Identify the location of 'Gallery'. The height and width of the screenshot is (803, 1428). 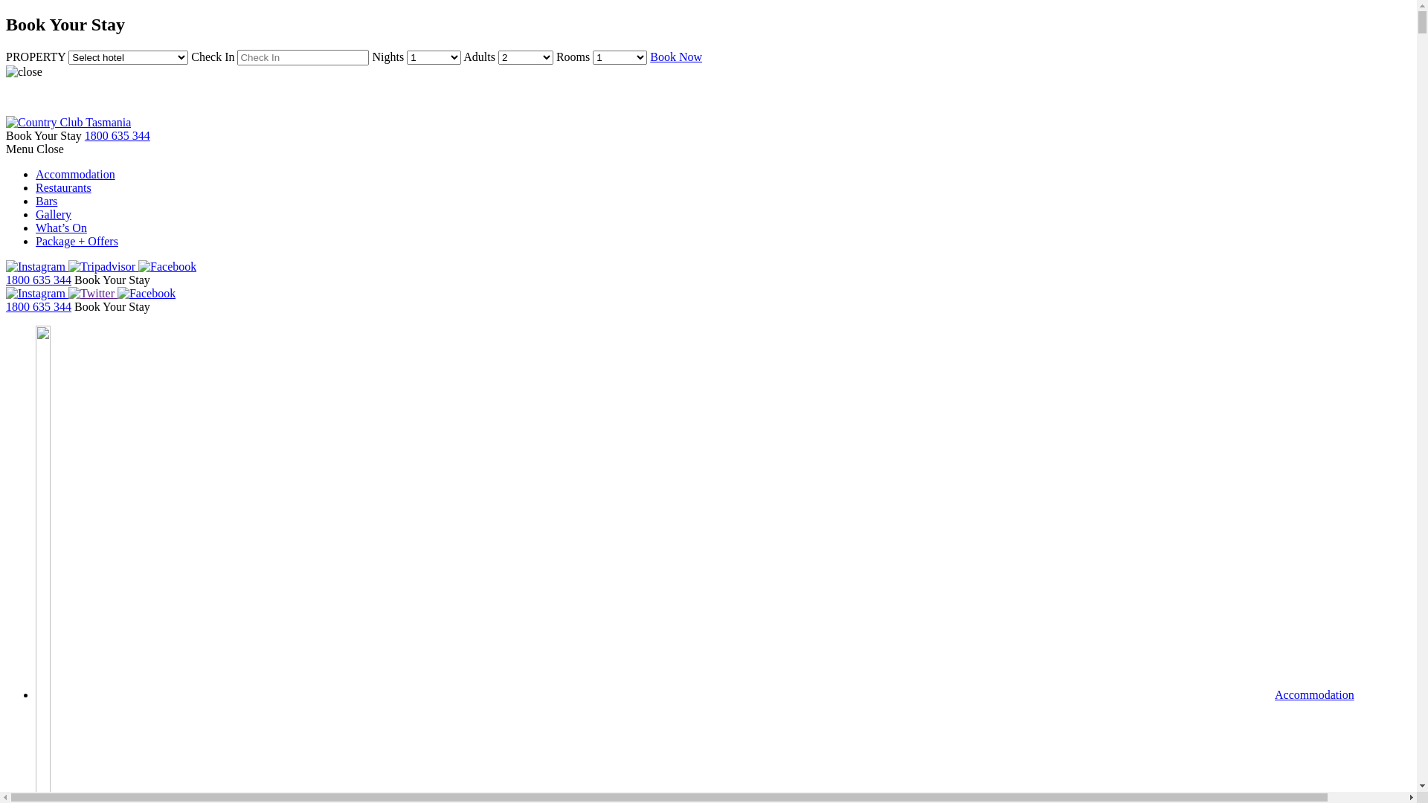
(54, 214).